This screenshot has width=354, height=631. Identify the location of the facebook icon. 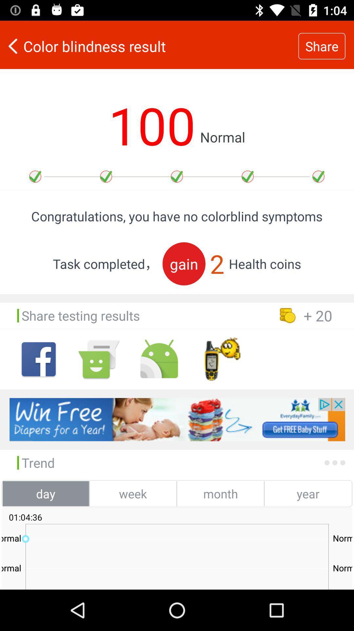
(39, 359).